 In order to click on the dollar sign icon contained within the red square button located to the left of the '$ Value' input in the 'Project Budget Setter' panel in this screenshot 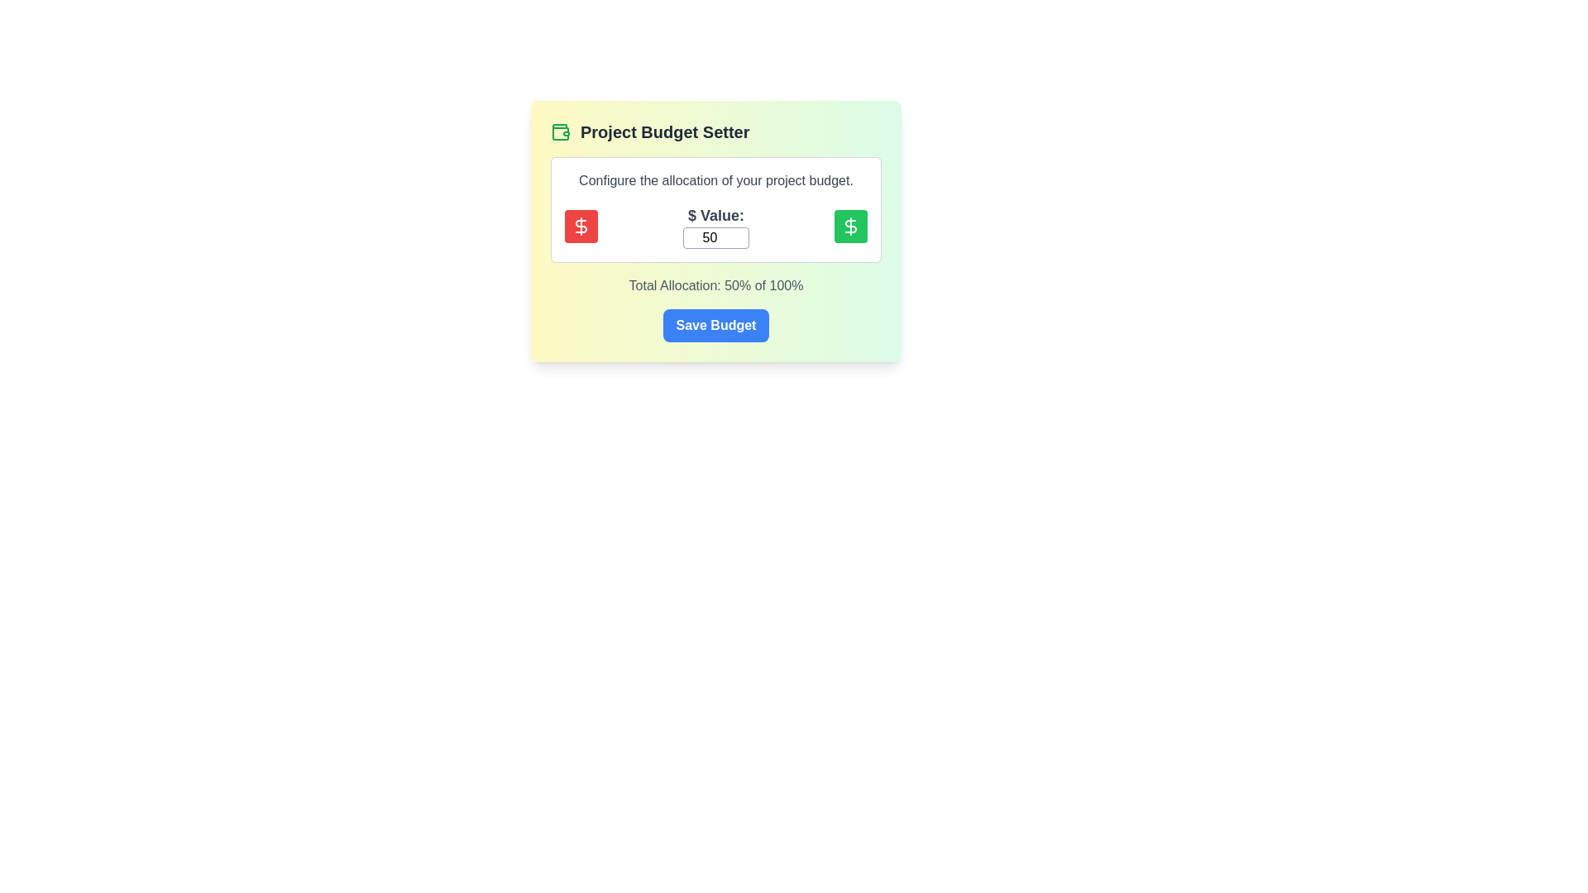, I will do `click(581, 226)`.